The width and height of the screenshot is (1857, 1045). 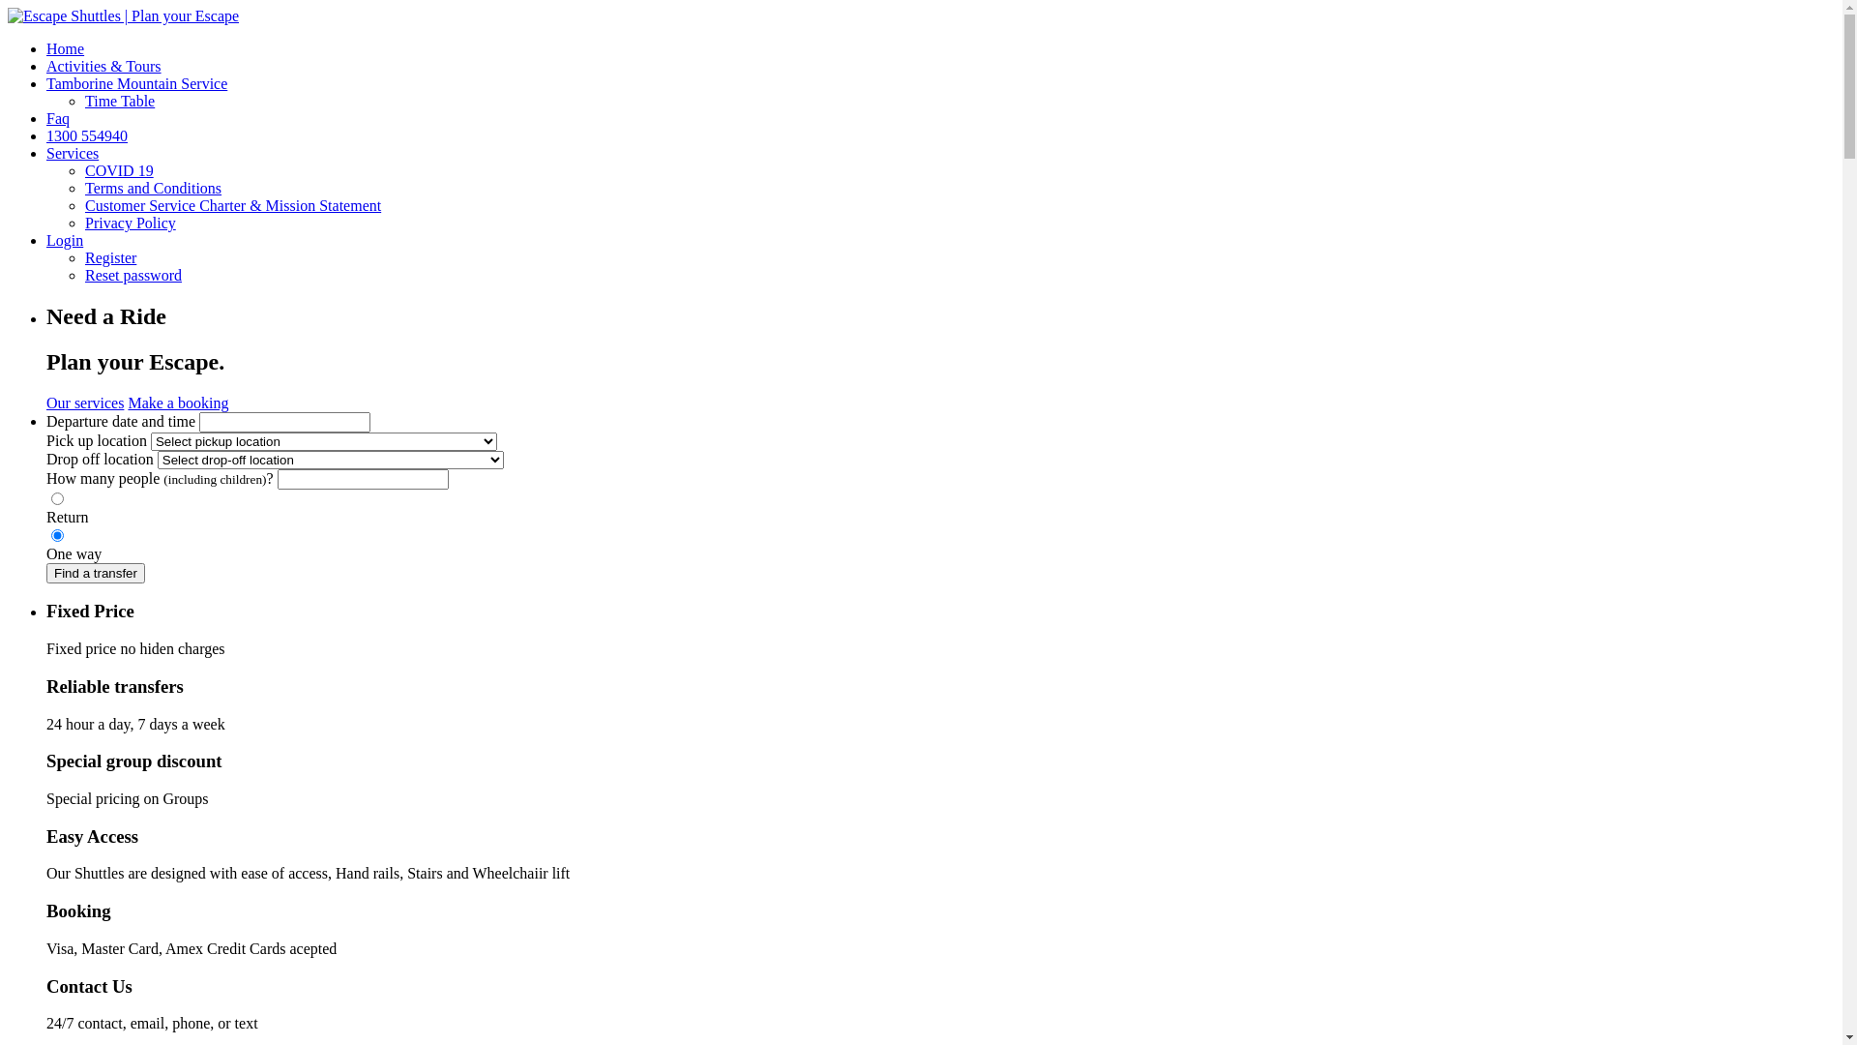 What do you see at coordinates (122, 15) in the screenshot?
I see `'Escape Shuttles | Plan your Escape'` at bounding box center [122, 15].